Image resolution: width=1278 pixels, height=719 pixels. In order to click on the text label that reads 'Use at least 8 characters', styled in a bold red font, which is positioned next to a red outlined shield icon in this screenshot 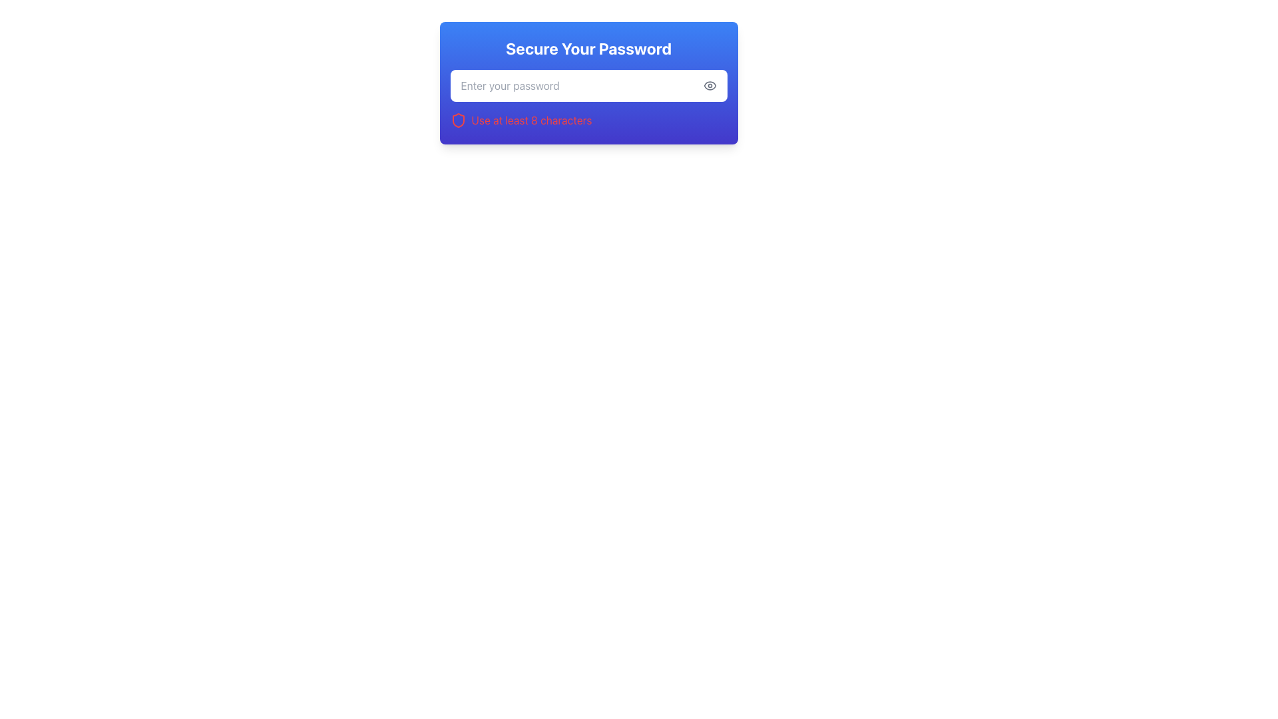, I will do `click(531, 120)`.